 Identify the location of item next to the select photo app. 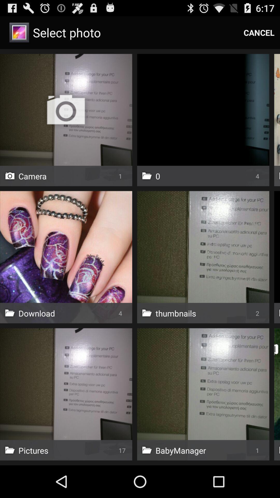
(259, 32).